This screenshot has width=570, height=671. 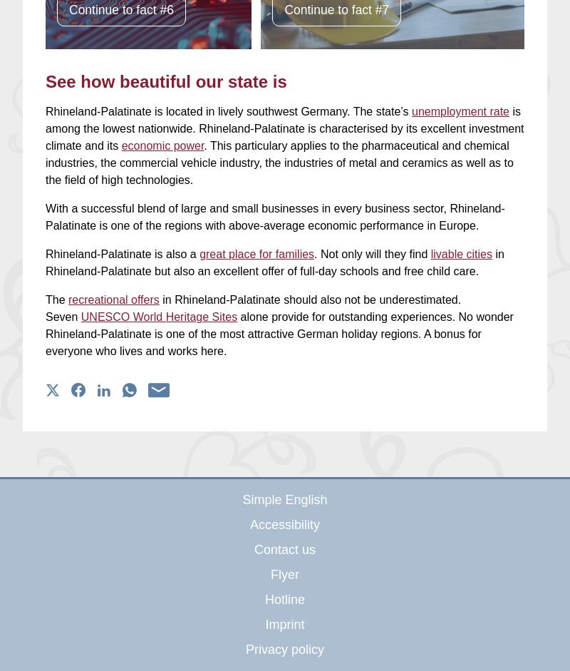 I want to click on 'alone provide for outstanding experiences. No wonder Rhineland-Palatinate is one of the most attractive German holiday regions. A bonus for everyone who lives and works here.', so click(x=279, y=334).